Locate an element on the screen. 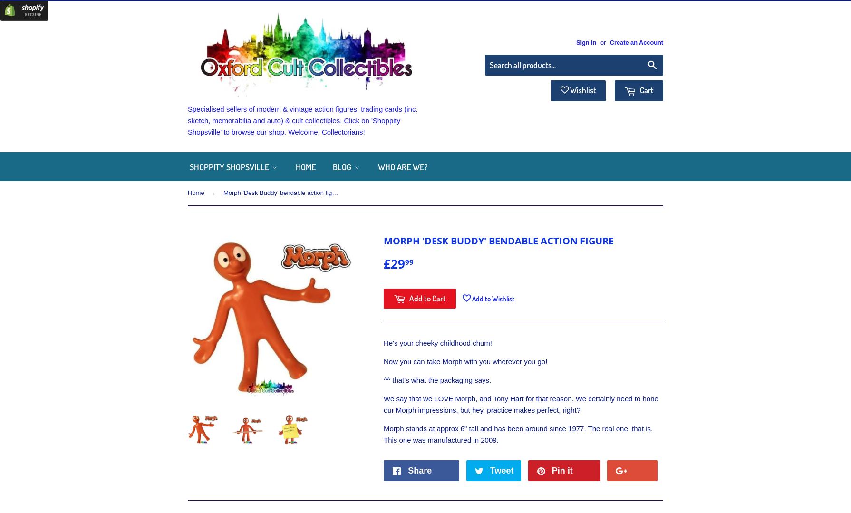 This screenshot has height=513, width=851. 'He's your cheeky childhood chum!' is located at coordinates (383, 342).